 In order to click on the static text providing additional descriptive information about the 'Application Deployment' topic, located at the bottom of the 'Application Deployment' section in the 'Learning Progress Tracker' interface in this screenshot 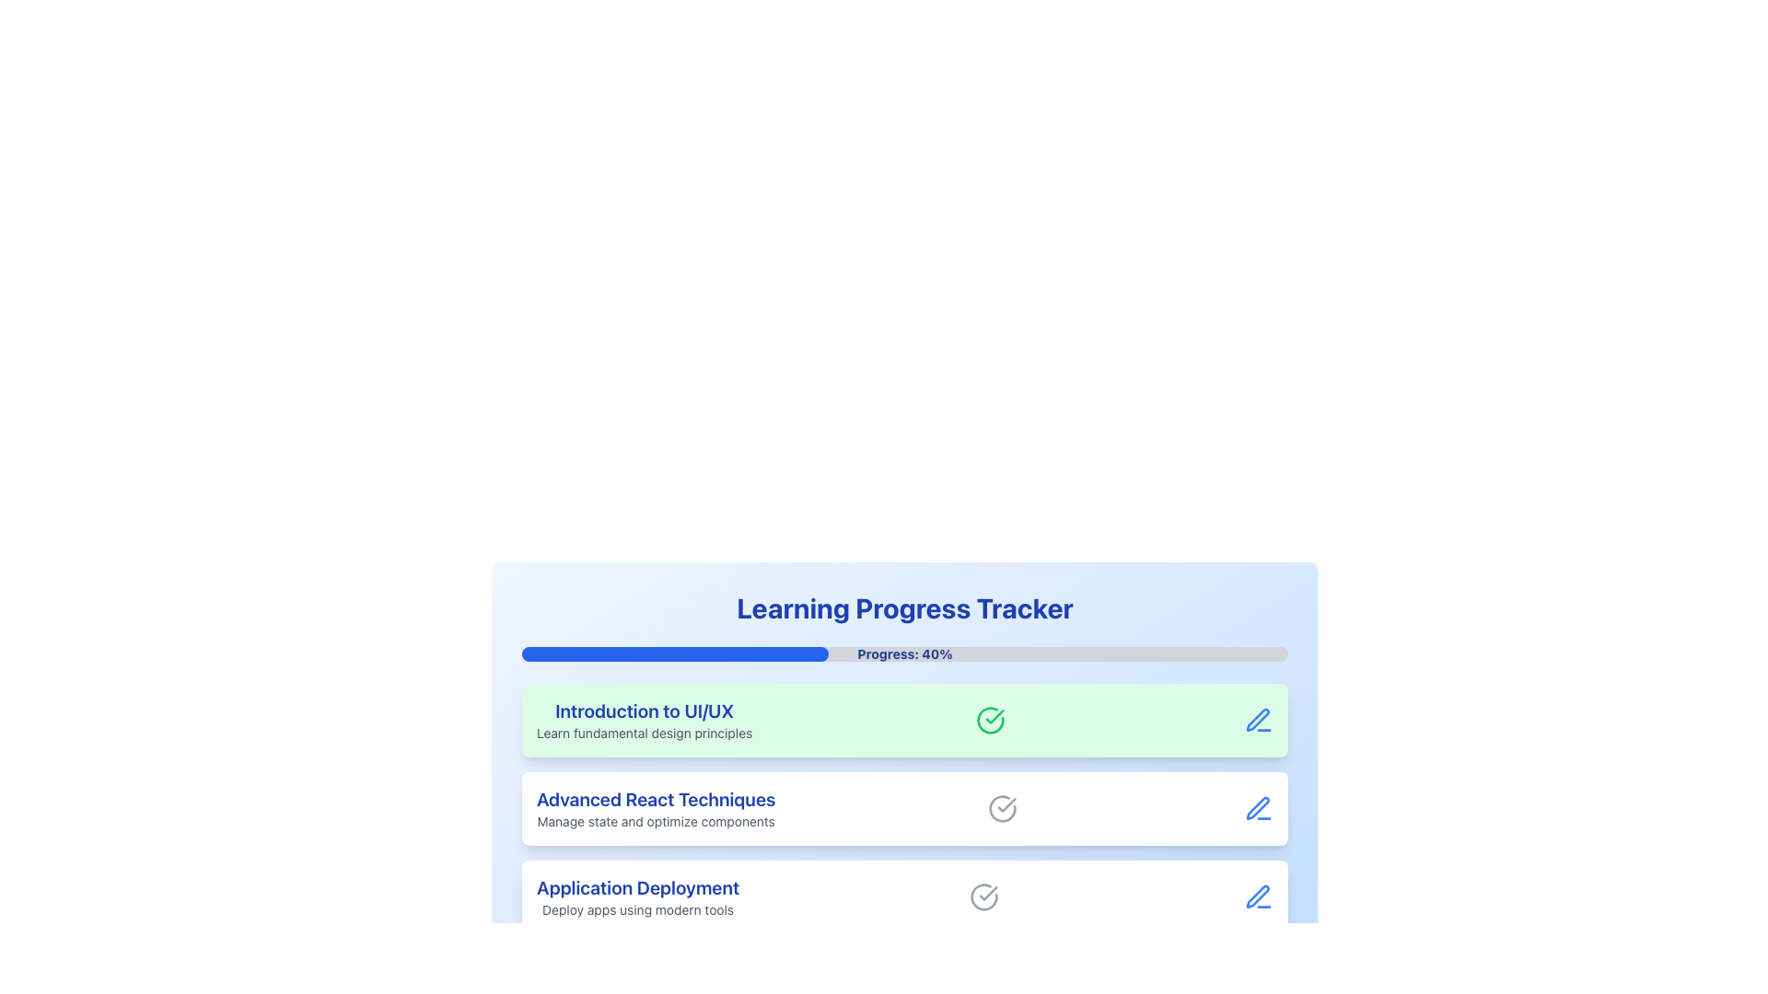, I will do `click(638, 908)`.